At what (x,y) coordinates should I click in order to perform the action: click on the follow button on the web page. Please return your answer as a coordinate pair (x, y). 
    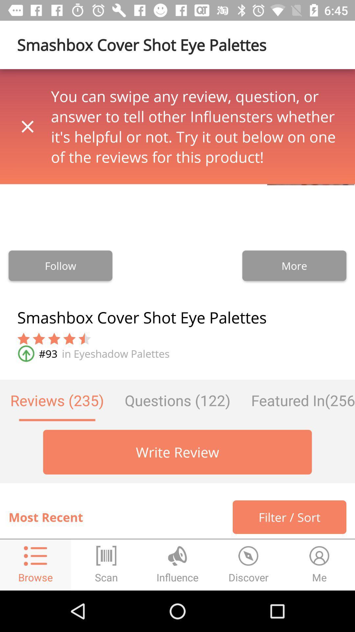
    Looking at the image, I should click on (60, 266).